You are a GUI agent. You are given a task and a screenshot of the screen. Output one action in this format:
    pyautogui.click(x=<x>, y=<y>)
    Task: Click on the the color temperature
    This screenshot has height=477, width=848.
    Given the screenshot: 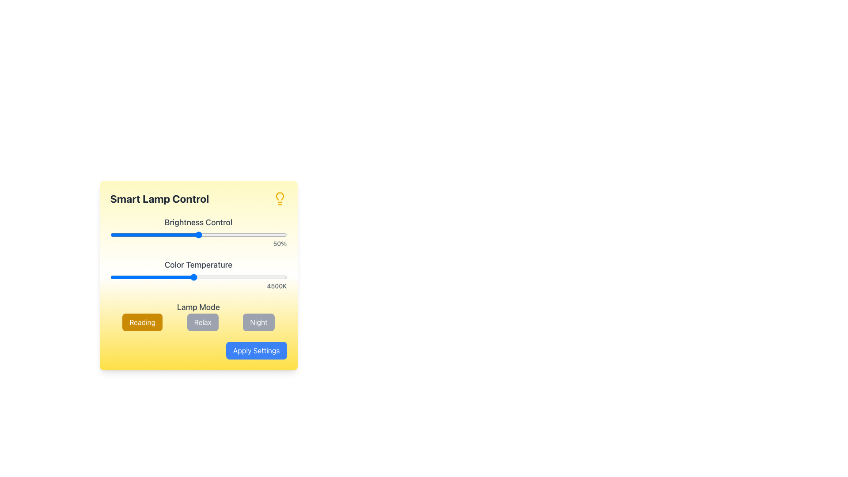 What is the action you would take?
    pyautogui.click(x=220, y=277)
    